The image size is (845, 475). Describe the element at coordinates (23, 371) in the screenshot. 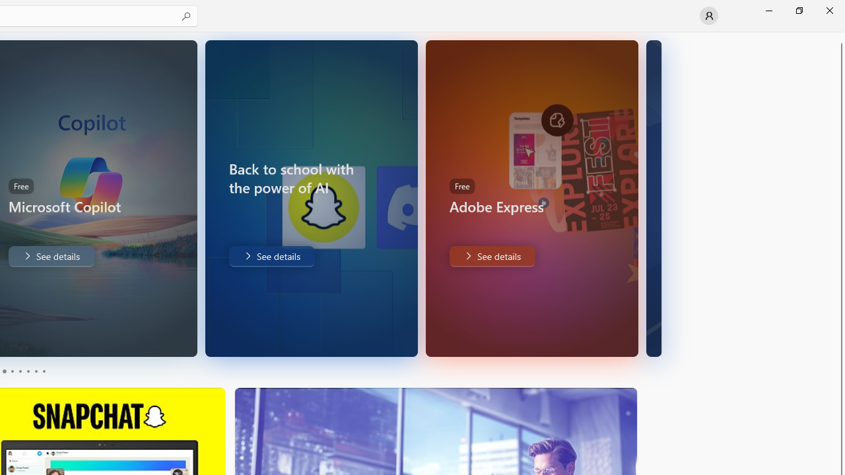

I see `'Pager'` at that location.